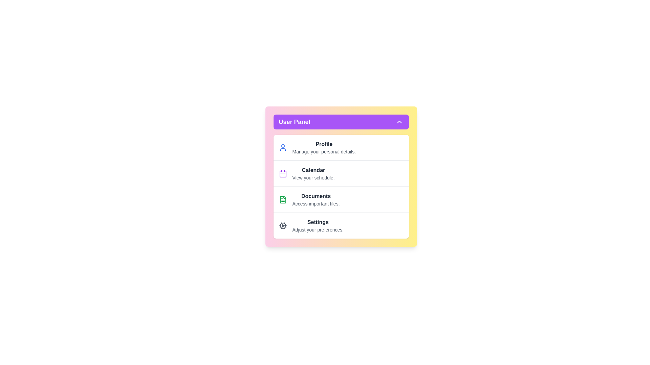 This screenshot has width=650, height=365. What do you see at coordinates (399, 122) in the screenshot?
I see `the upward-pointing chevron icon with white lines on a purple background in the far-right corner of the 'User Panel' header` at bounding box center [399, 122].